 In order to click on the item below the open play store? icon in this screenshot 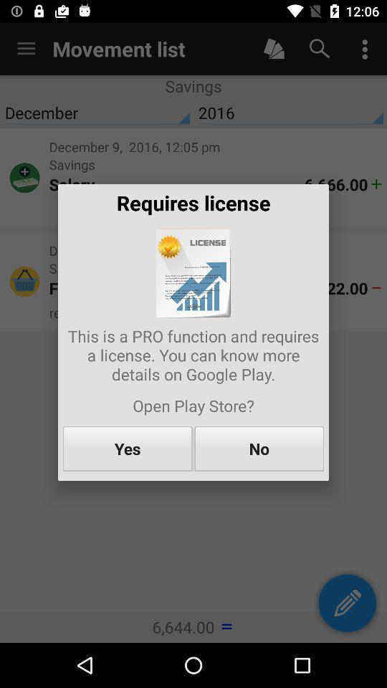, I will do `click(258, 448)`.